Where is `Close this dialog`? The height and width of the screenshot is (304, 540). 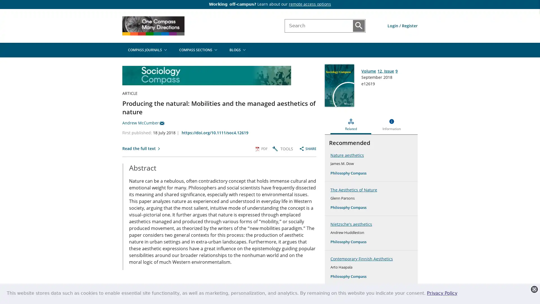 Close this dialog is located at coordinates (534, 289).